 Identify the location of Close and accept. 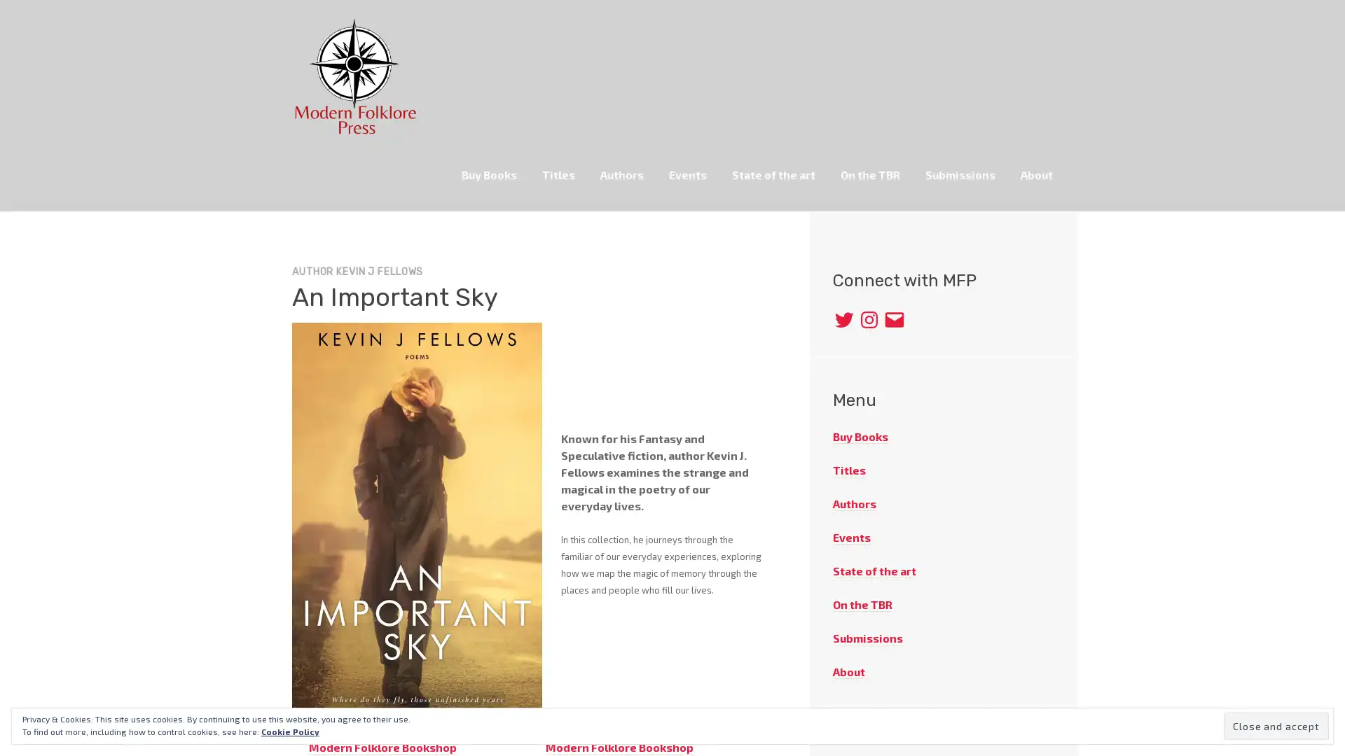
(1276, 725).